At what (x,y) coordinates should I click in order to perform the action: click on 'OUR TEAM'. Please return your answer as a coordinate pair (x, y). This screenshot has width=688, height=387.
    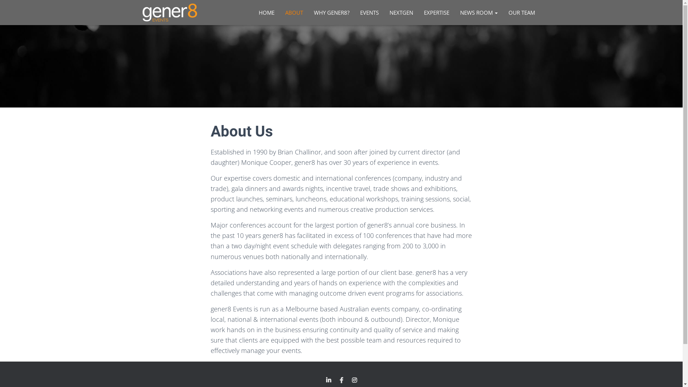
    Looking at the image, I should click on (521, 12).